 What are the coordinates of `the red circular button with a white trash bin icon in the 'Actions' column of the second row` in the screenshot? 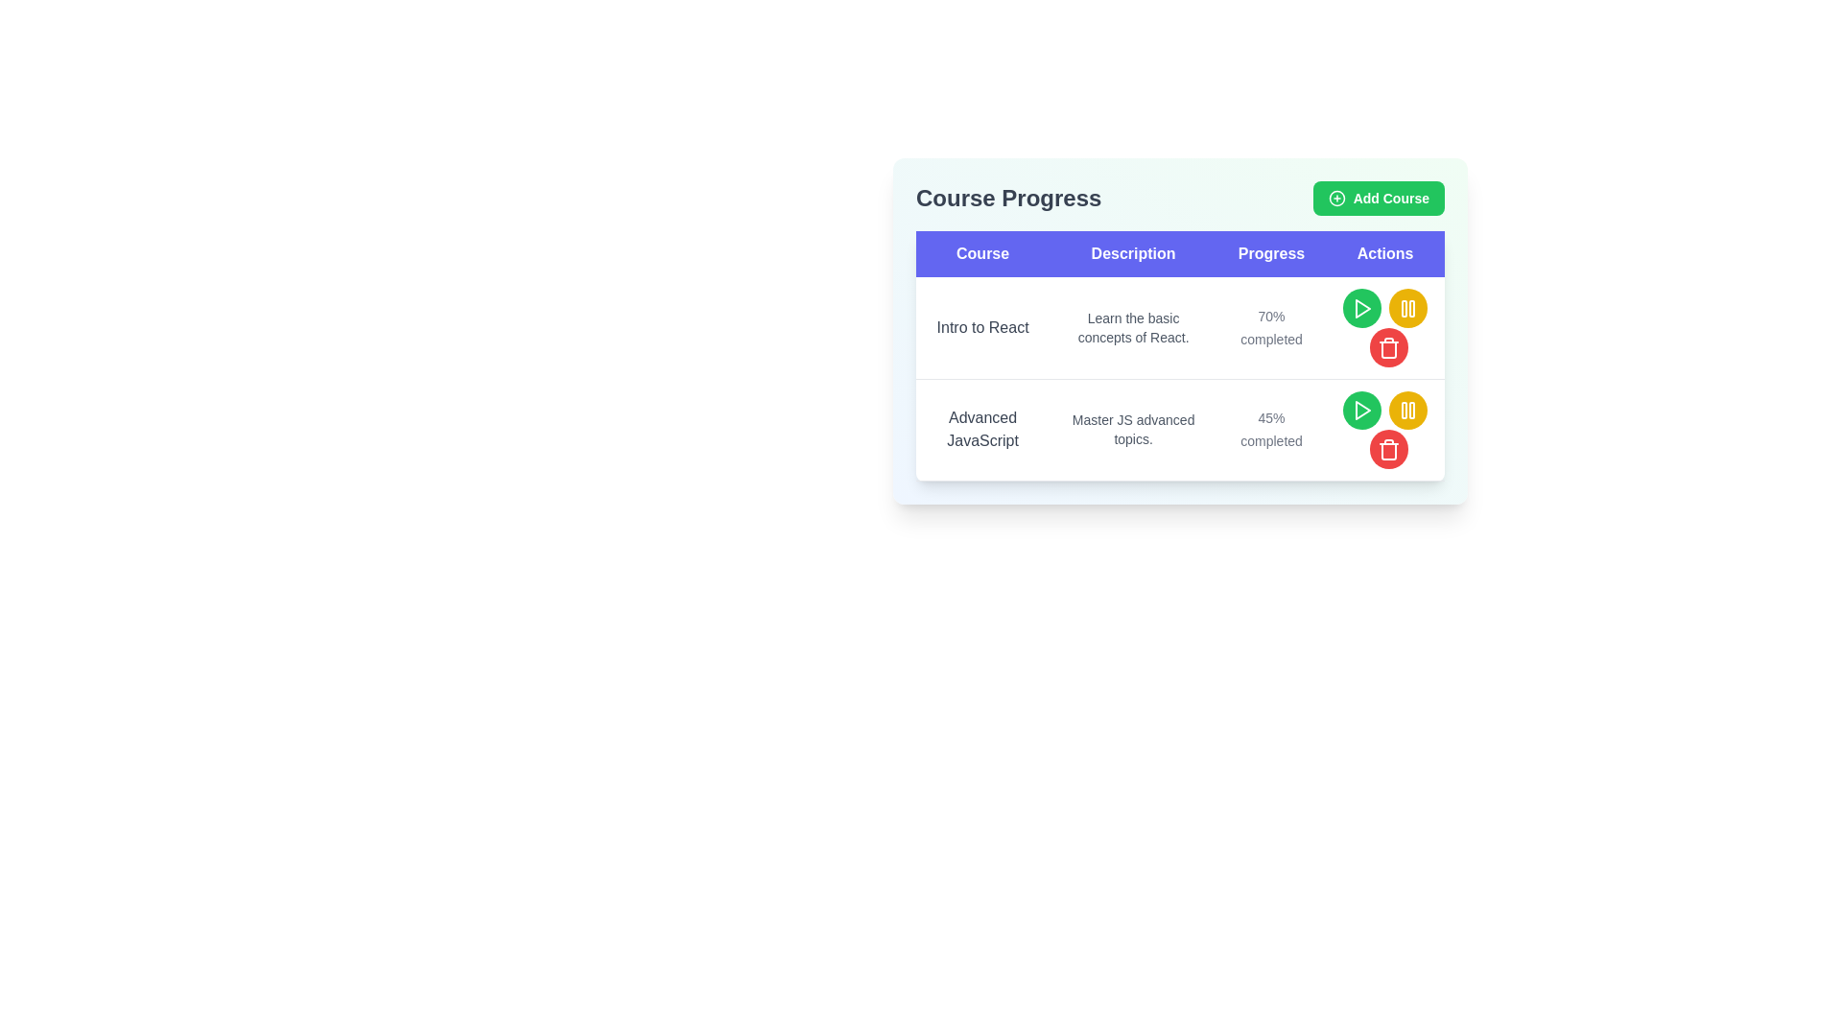 It's located at (1389, 450).